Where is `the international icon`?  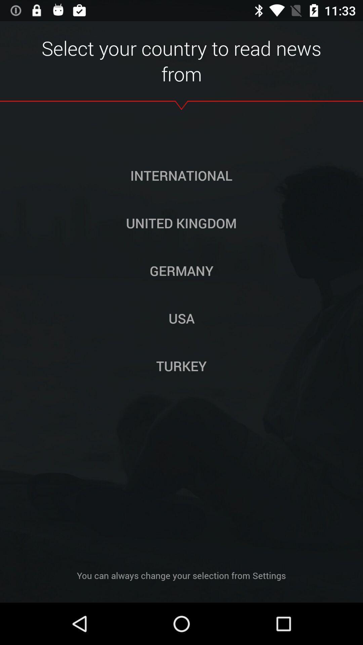 the international icon is located at coordinates (181, 175).